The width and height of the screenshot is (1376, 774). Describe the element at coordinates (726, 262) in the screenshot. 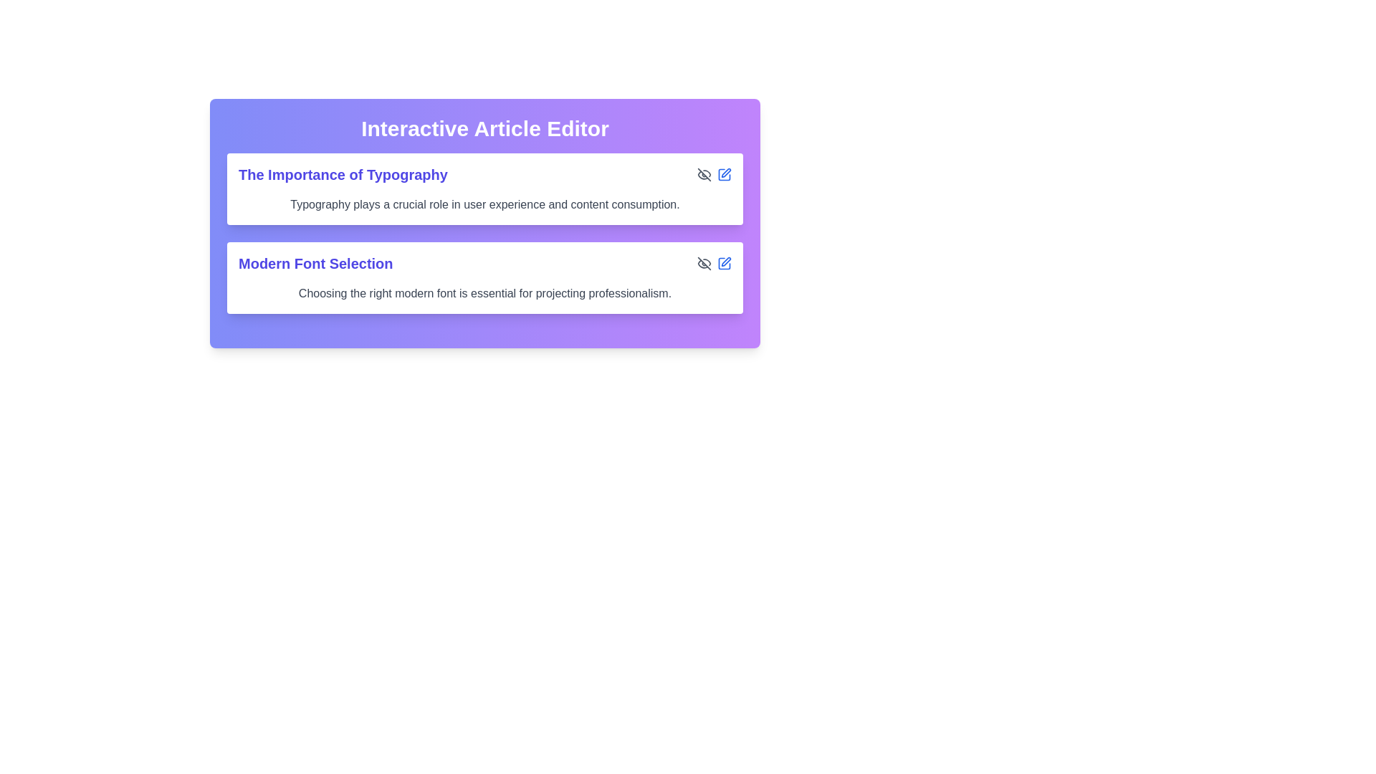

I see `the edit Icon button for the second article entry` at that location.